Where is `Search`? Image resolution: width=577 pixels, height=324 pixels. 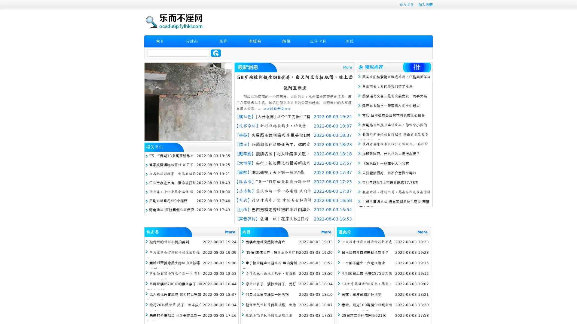 Search is located at coordinates (216, 53).